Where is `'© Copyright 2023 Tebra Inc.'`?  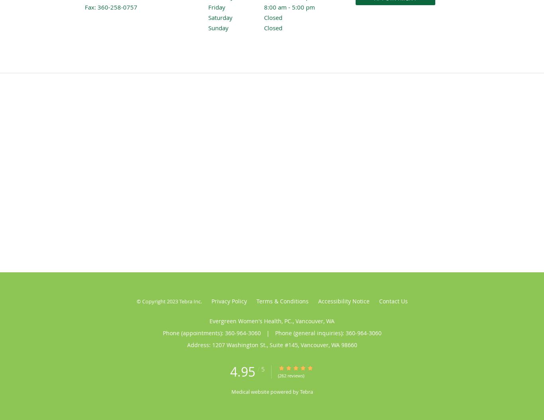 '© Copyright 2023 Tebra Inc.' is located at coordinates (136, 301).